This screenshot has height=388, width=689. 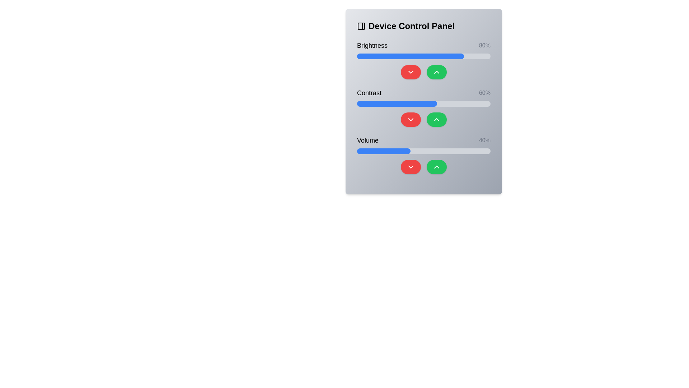 What do you see at coordinates (358, 151) in the screenshot?
I see `the volume` at bounding box center [358, 151].